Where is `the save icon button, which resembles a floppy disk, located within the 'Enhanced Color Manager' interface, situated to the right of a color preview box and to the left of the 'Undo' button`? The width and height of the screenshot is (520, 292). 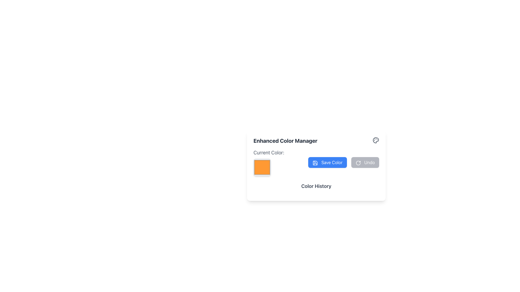
the save icon button, which resembles a floppy disk, located within the 'Enhanced Color Manager' interface, situated to the right of a color preview box and to the left of the 'Undo' button is located at coordinates (315, 162).